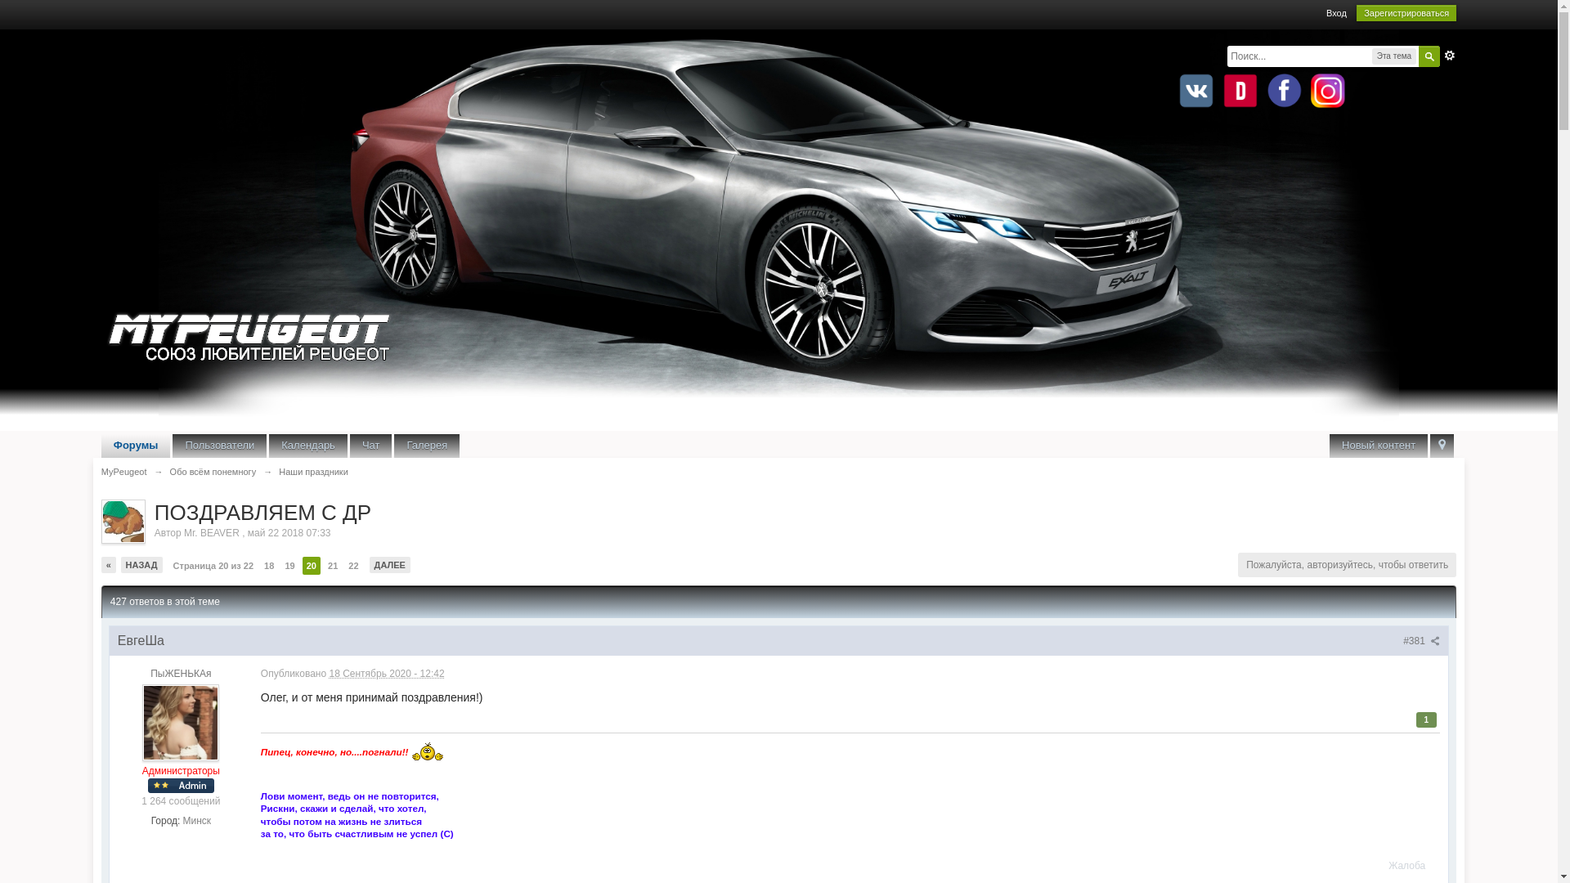 Image resolution: width=1570 pixels, height=883 pixels. What do you see at coordinates (1429, 446) in the screenshot?
I see `' '` at bounding box center [1429, 446].